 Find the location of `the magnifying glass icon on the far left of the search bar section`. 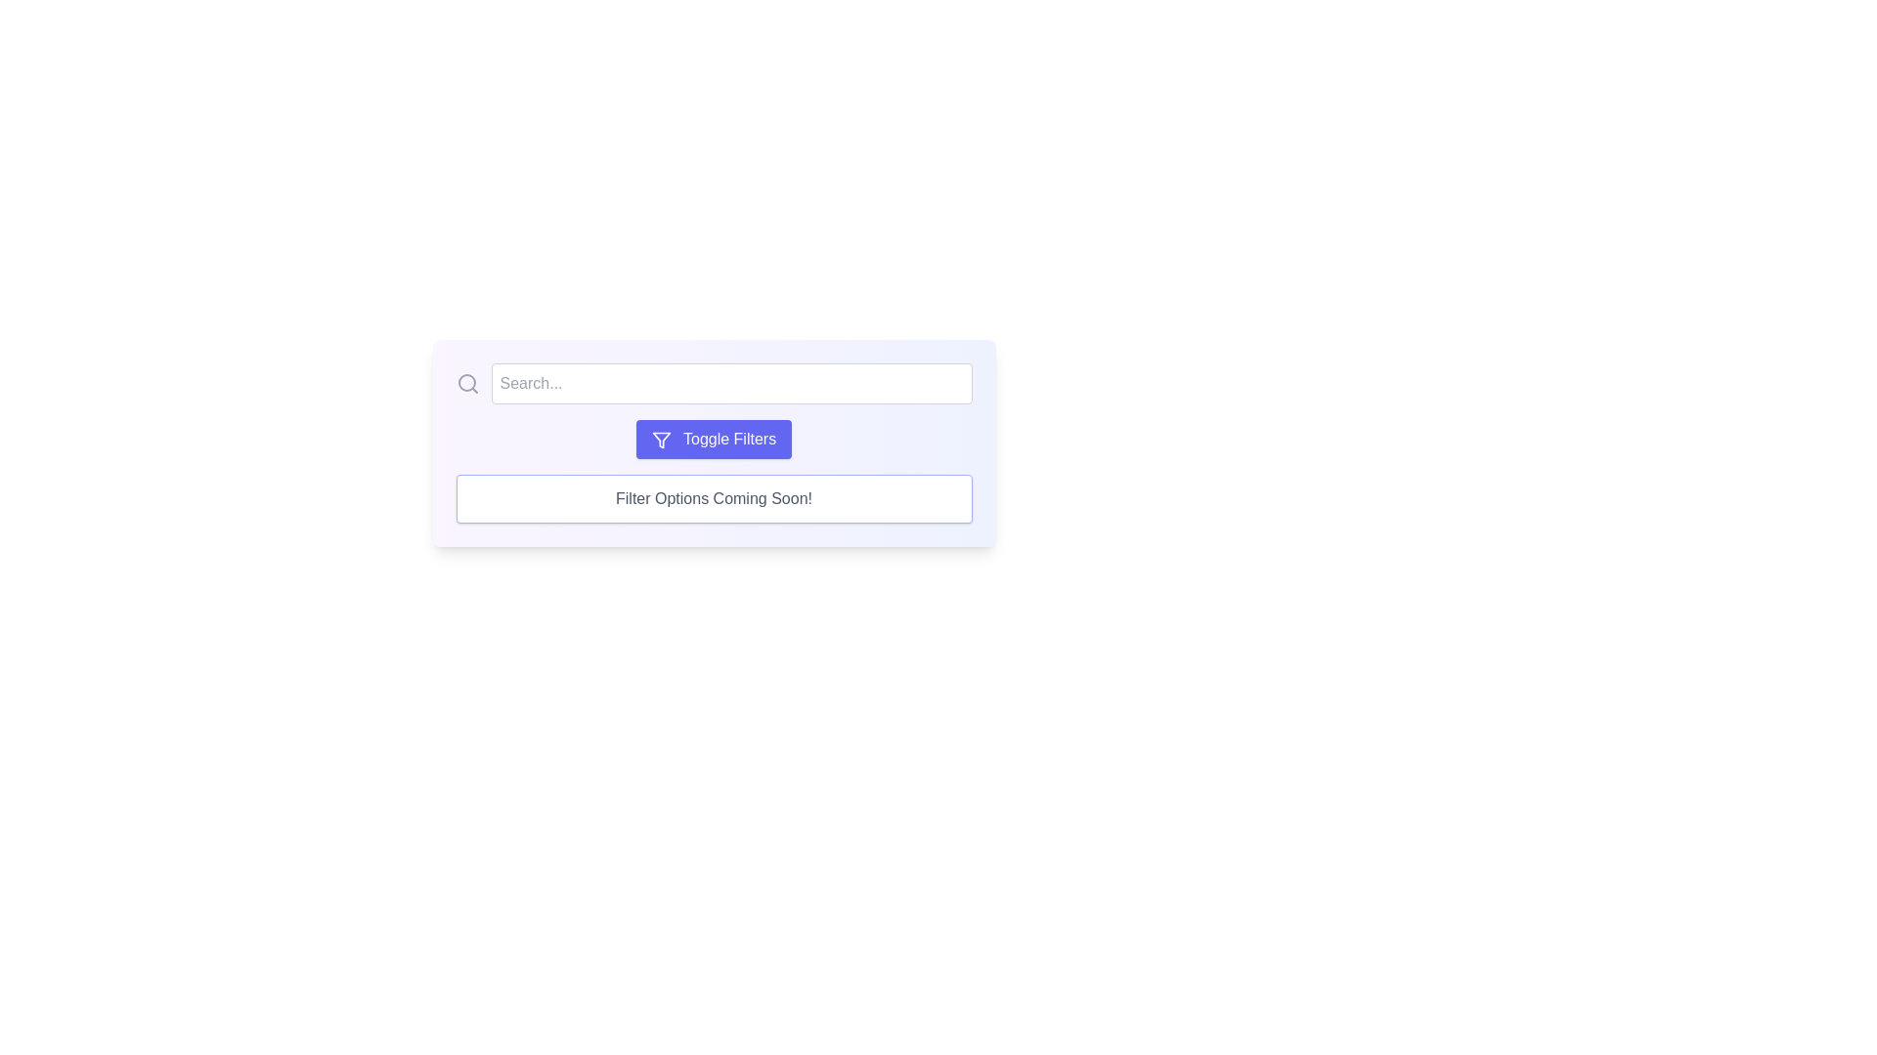

the magnifying glass icon on the far left of the search bar section is located at coordinates (466, 384).